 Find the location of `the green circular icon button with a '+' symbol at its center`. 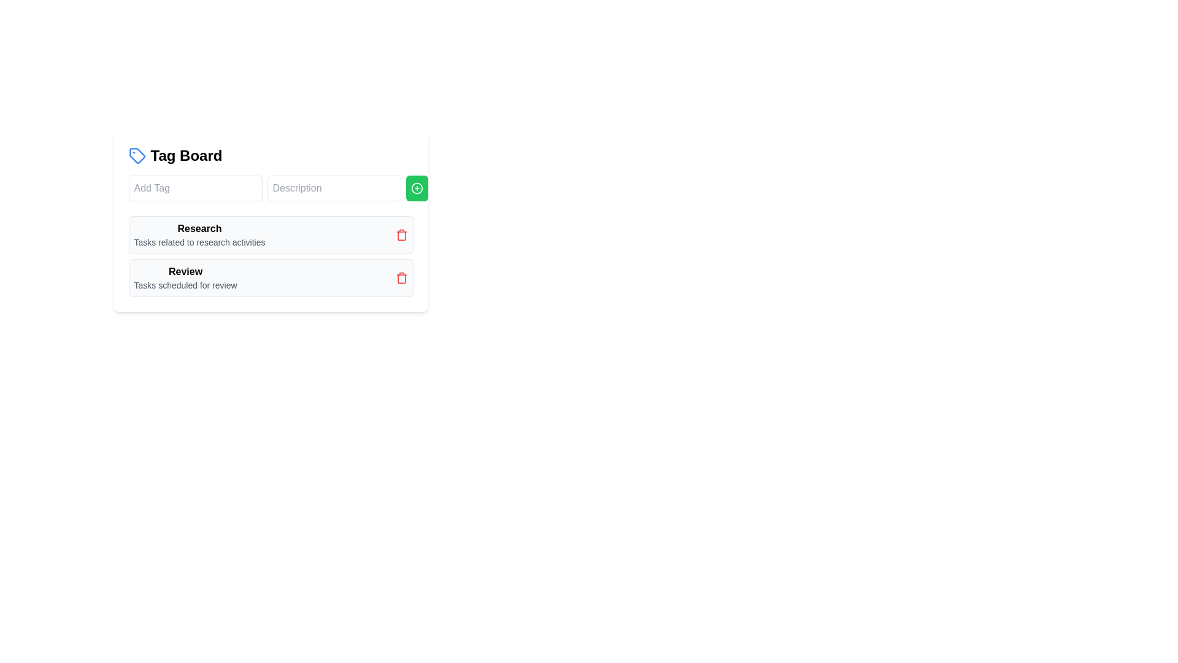

the green circular icon button with a '+' symbol at its center is located at coordinates (417, 188).